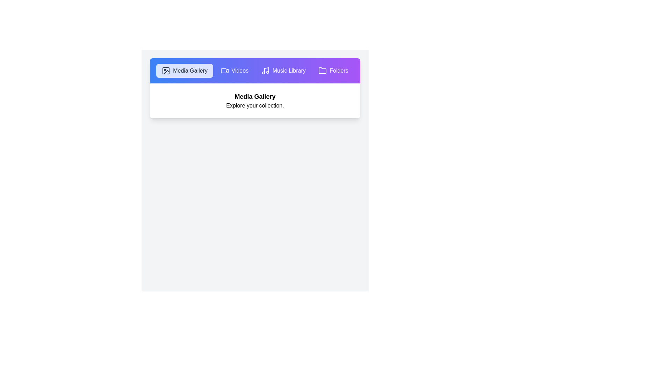 This screenshot has height=377, width=671. Describe the element at coordinates (265, 71) in the screenshot. I see `the musical note icon in the navigation bar labeled 'Music Library'` at that location.